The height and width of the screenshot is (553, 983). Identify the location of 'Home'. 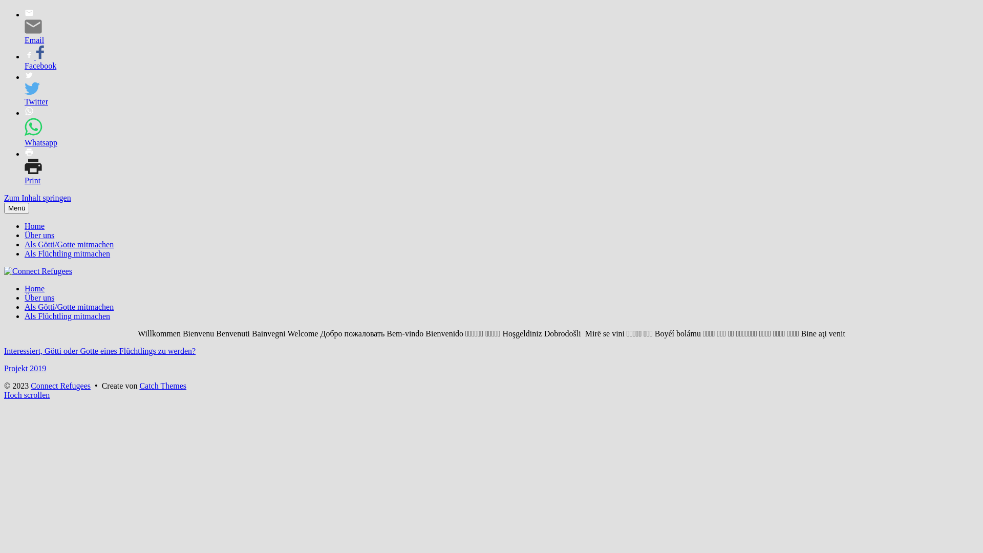
(34, 288).